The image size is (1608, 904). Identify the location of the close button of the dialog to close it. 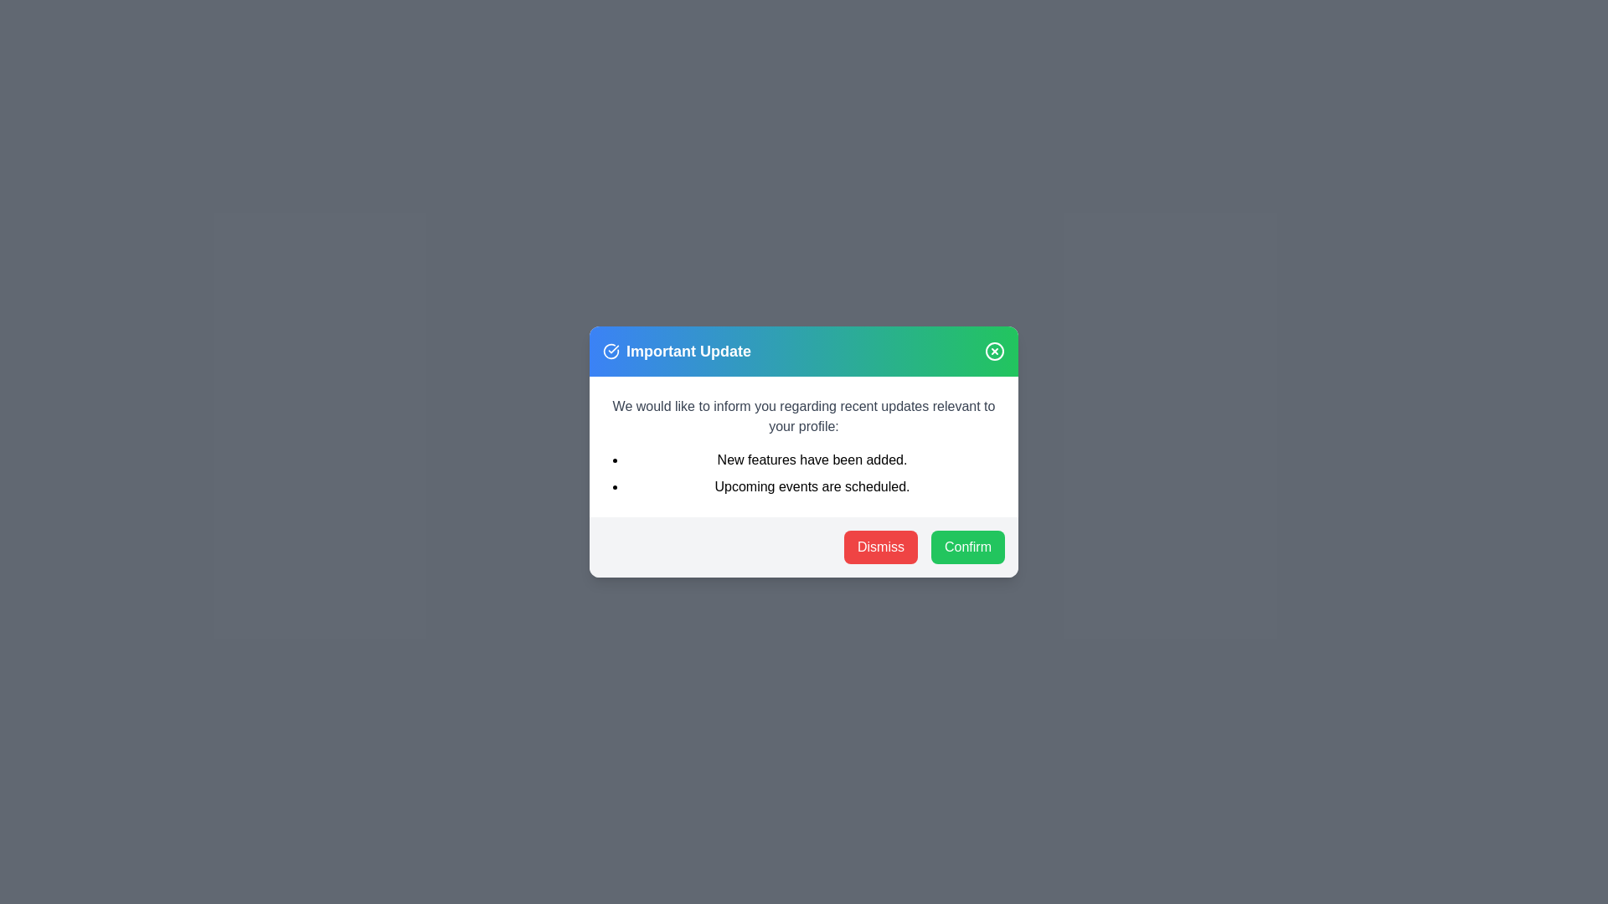
(995, 351).